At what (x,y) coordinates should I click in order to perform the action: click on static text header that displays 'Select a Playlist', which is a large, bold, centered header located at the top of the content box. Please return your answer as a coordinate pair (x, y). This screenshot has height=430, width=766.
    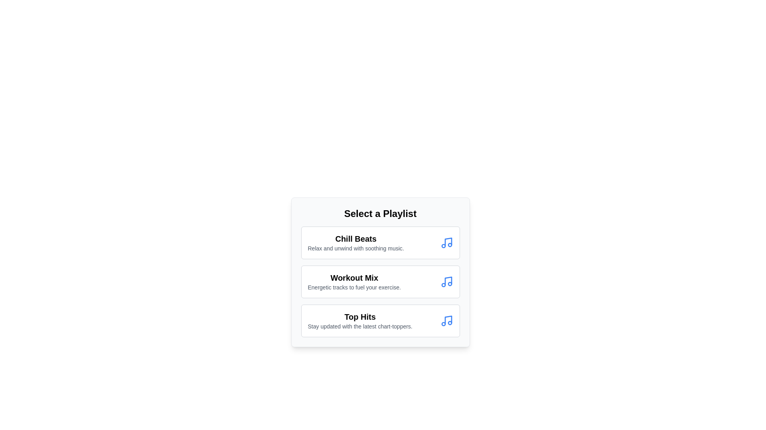
    Looking at the image, I should click on (380, 213).